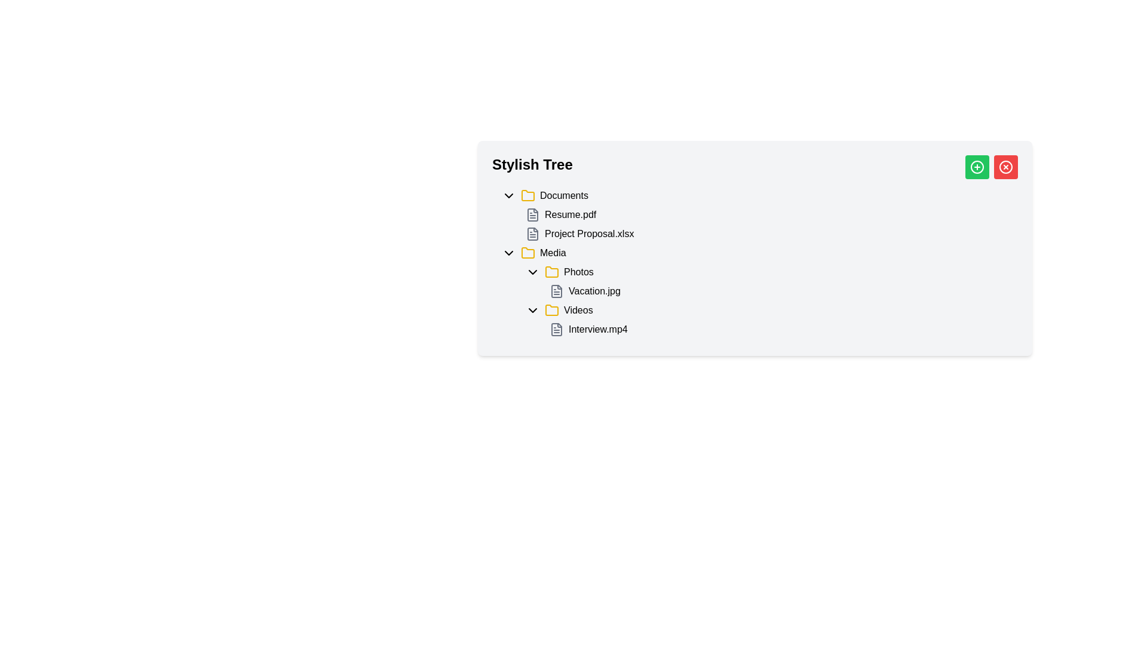 The width and height of the screenshot is (1147, 645). I want to click on the text label displaying the filename 'Resume.pdf', so click(570, 214).